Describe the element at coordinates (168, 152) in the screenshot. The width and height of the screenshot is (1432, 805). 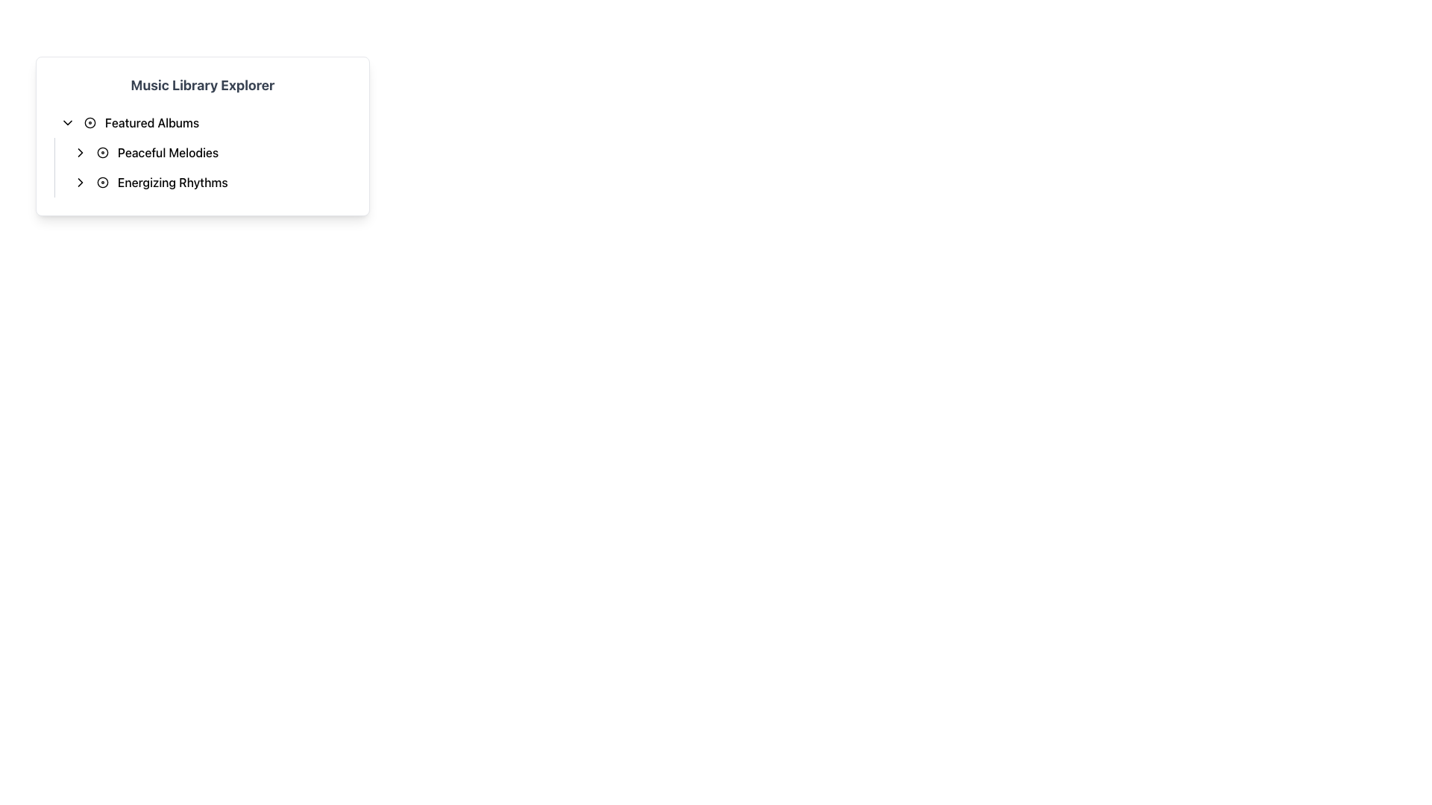
I see `the clickable text label representing a specific item in the 'Featured Albums' section of the Music Library Explorer` at that location.